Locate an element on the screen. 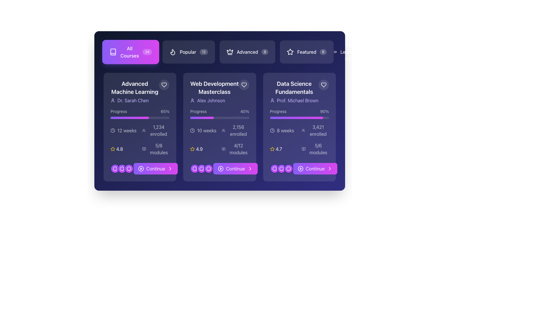 Image resolution: width=554 pixels, height=312 pixels. the clock icon element representing time-related information for the 'Data Science Fundamentals' course, located near the '8 weeks' text is located at coordinates (272, 130).